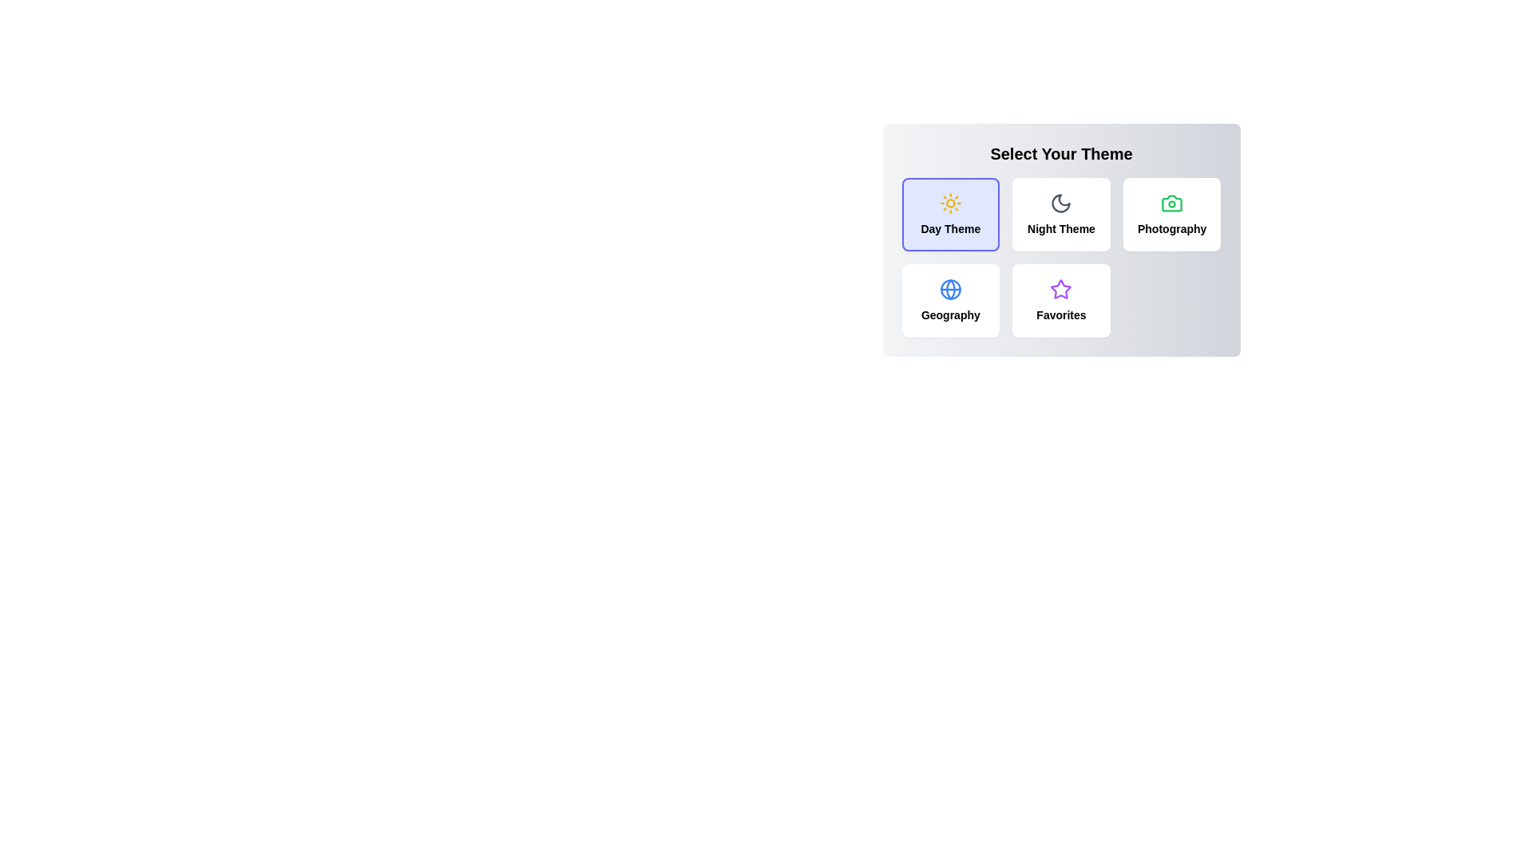 This screenshot has width=1533, height=862. I want to click on the 'Day Theme' button located in the first row, first column of the theme selection grid to navigate, so click(950, 214).